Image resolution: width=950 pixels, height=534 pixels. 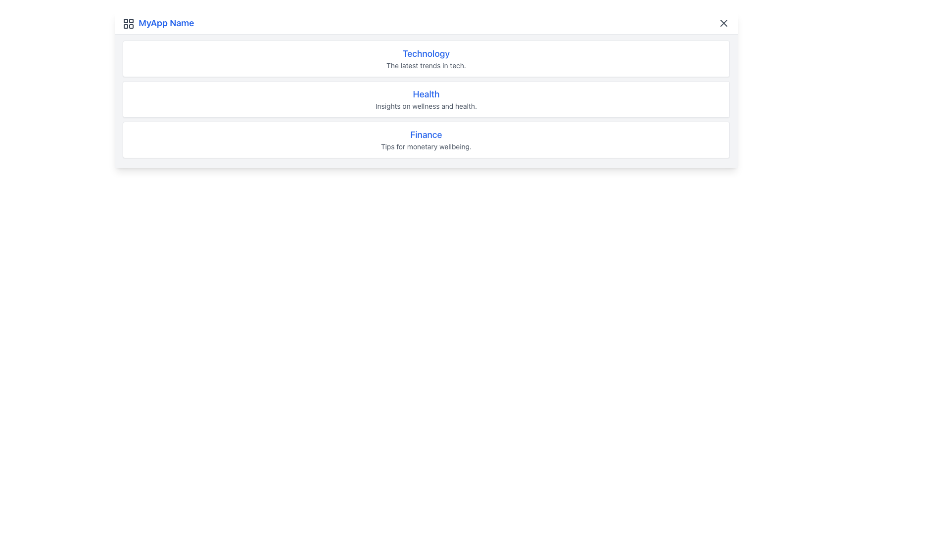 What do you see at coordinates (128, 23) in the screenshot?
I see `the icon consisting of four squares arranged in a 2x2 grid pattern, located next to the text 'MyApp Name' in the top-left corner of the application` at bounding box center [128, 23].